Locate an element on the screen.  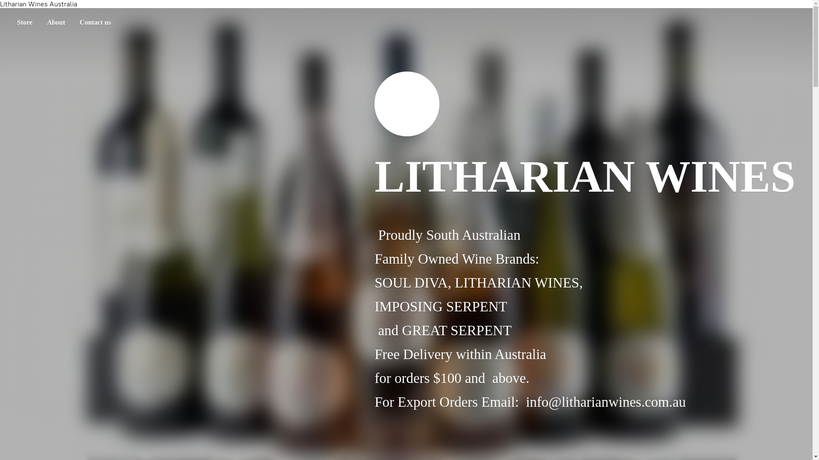
'Contact us' is located at coordinates (95, 22).